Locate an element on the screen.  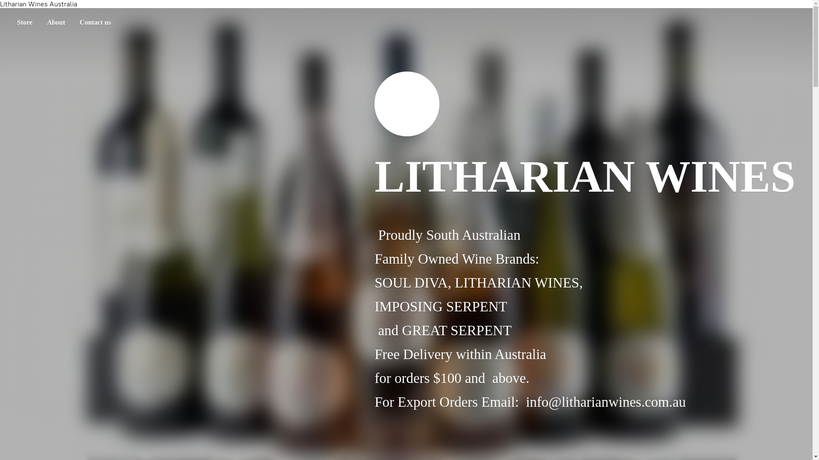
'Contact us' is located at coordinates (95, 22).